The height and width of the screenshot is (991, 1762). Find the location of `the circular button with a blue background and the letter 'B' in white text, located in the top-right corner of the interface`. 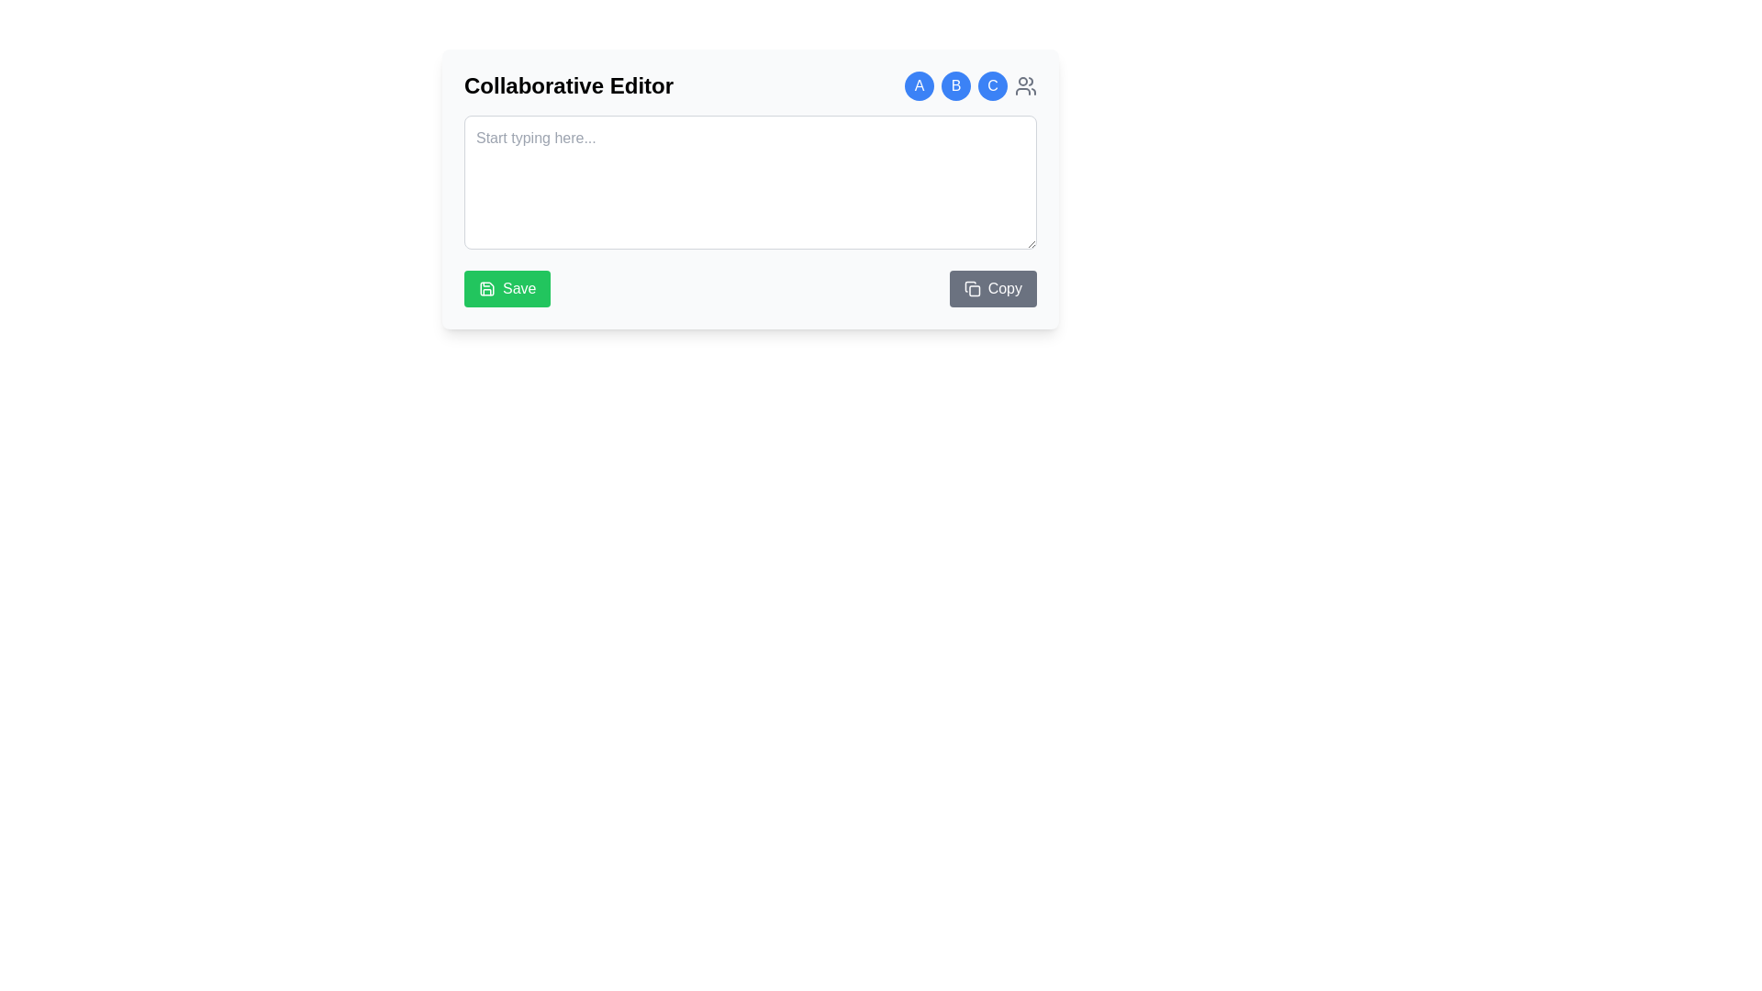

the circular button with a blue background and the letter 'B' in white text, located in the top-right corner of the interface is located at coordinates (954, 85).